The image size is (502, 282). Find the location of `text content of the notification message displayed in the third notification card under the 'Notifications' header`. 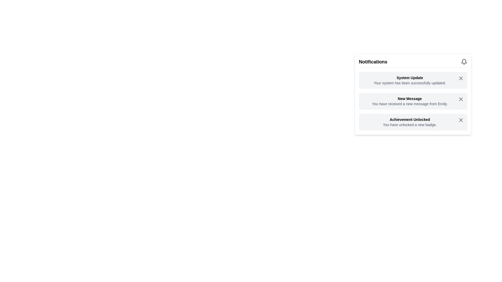

text content of the notification message displayed in the third notification card under the 'Notifications' header is located at coordinates (409, 122).